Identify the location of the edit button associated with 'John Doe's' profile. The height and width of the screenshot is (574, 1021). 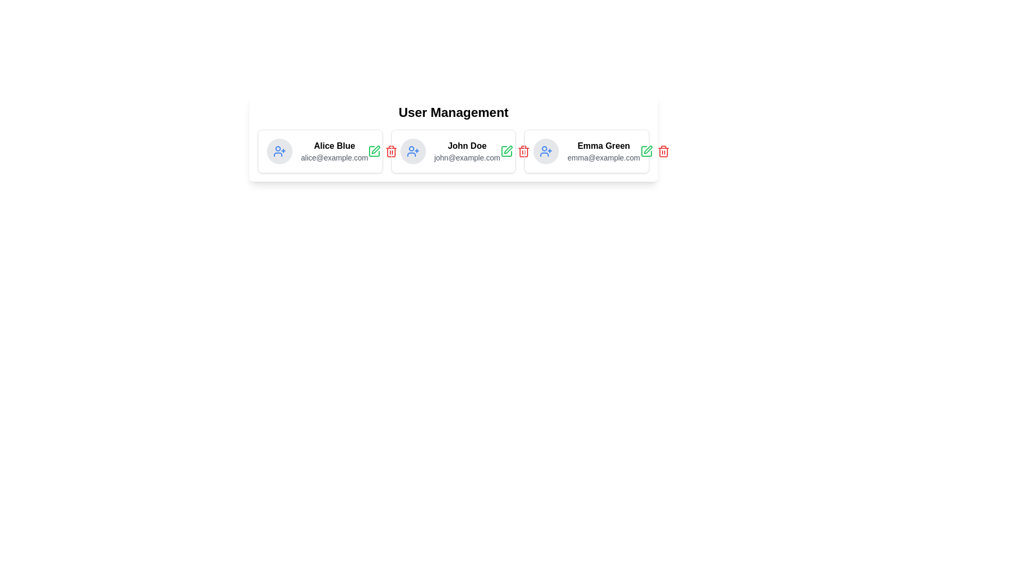
(506, 151).